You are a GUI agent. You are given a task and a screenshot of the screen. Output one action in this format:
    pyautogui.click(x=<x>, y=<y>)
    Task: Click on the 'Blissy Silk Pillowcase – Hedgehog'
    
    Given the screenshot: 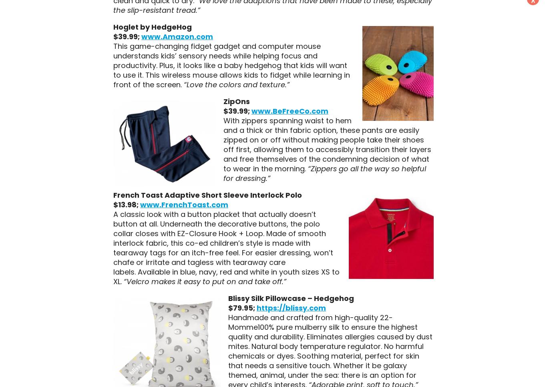 What is the action you would take?
    pyautogui.click(x=227, y=298)
    